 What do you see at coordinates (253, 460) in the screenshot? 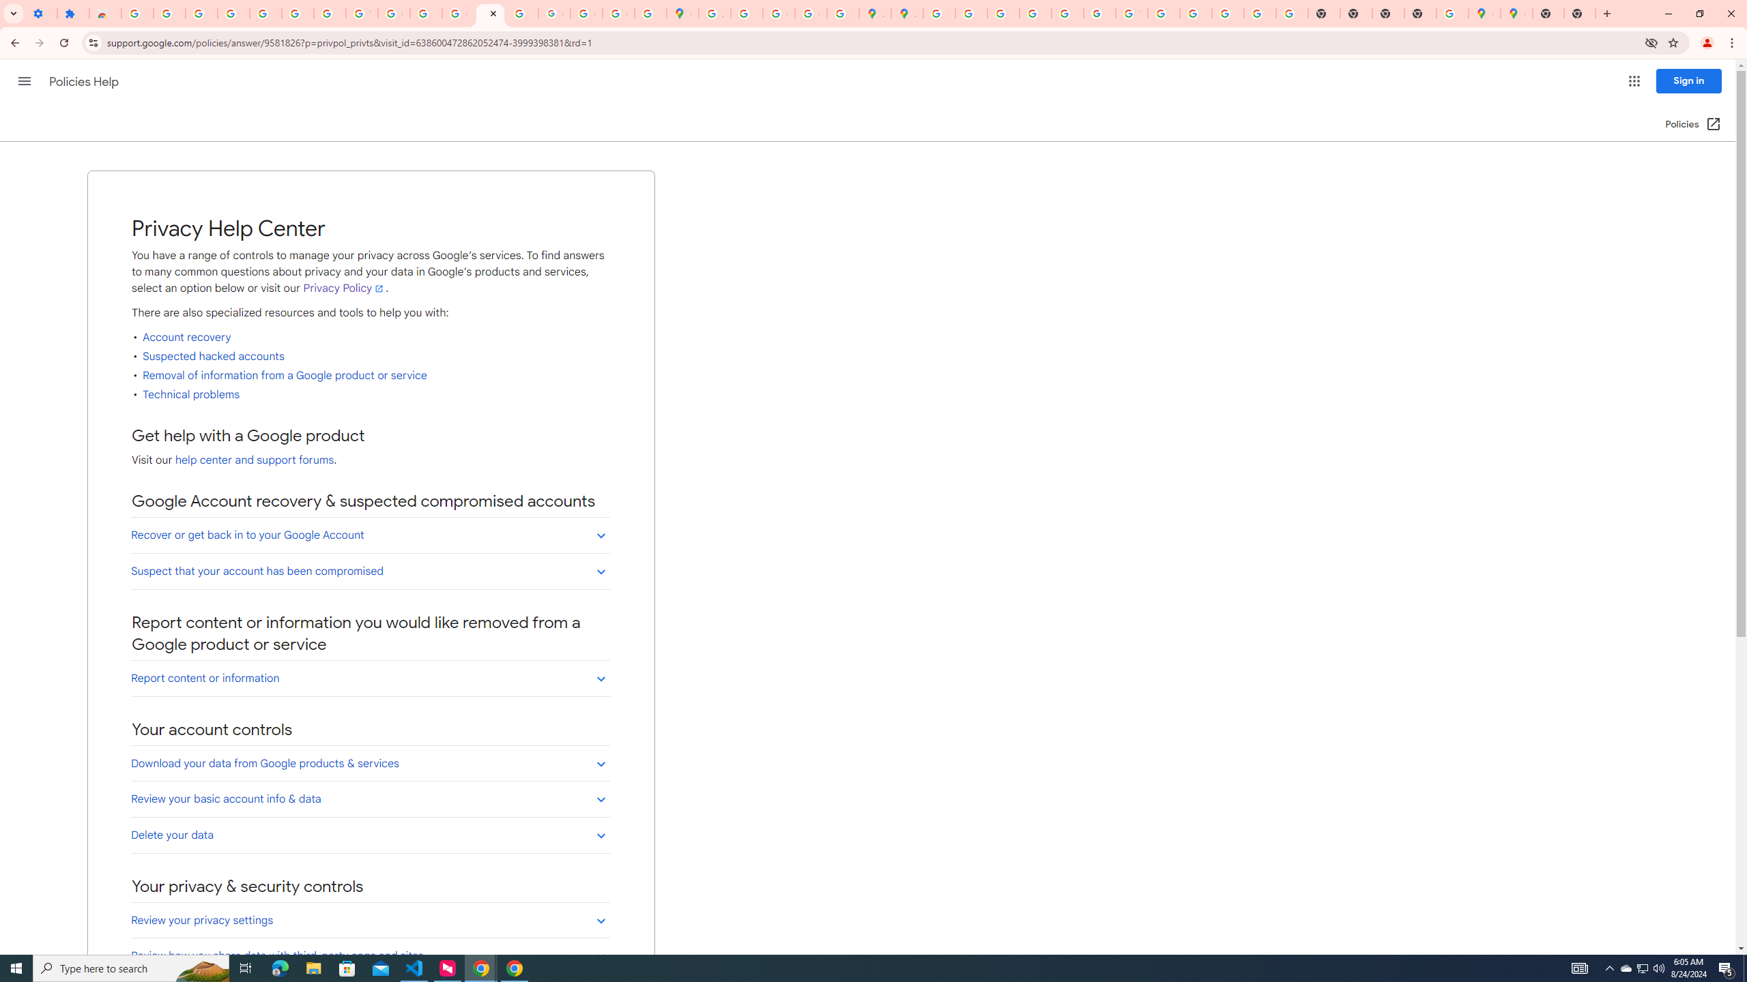
I see `'help center and support forums'` at bounding box center [253, 460].